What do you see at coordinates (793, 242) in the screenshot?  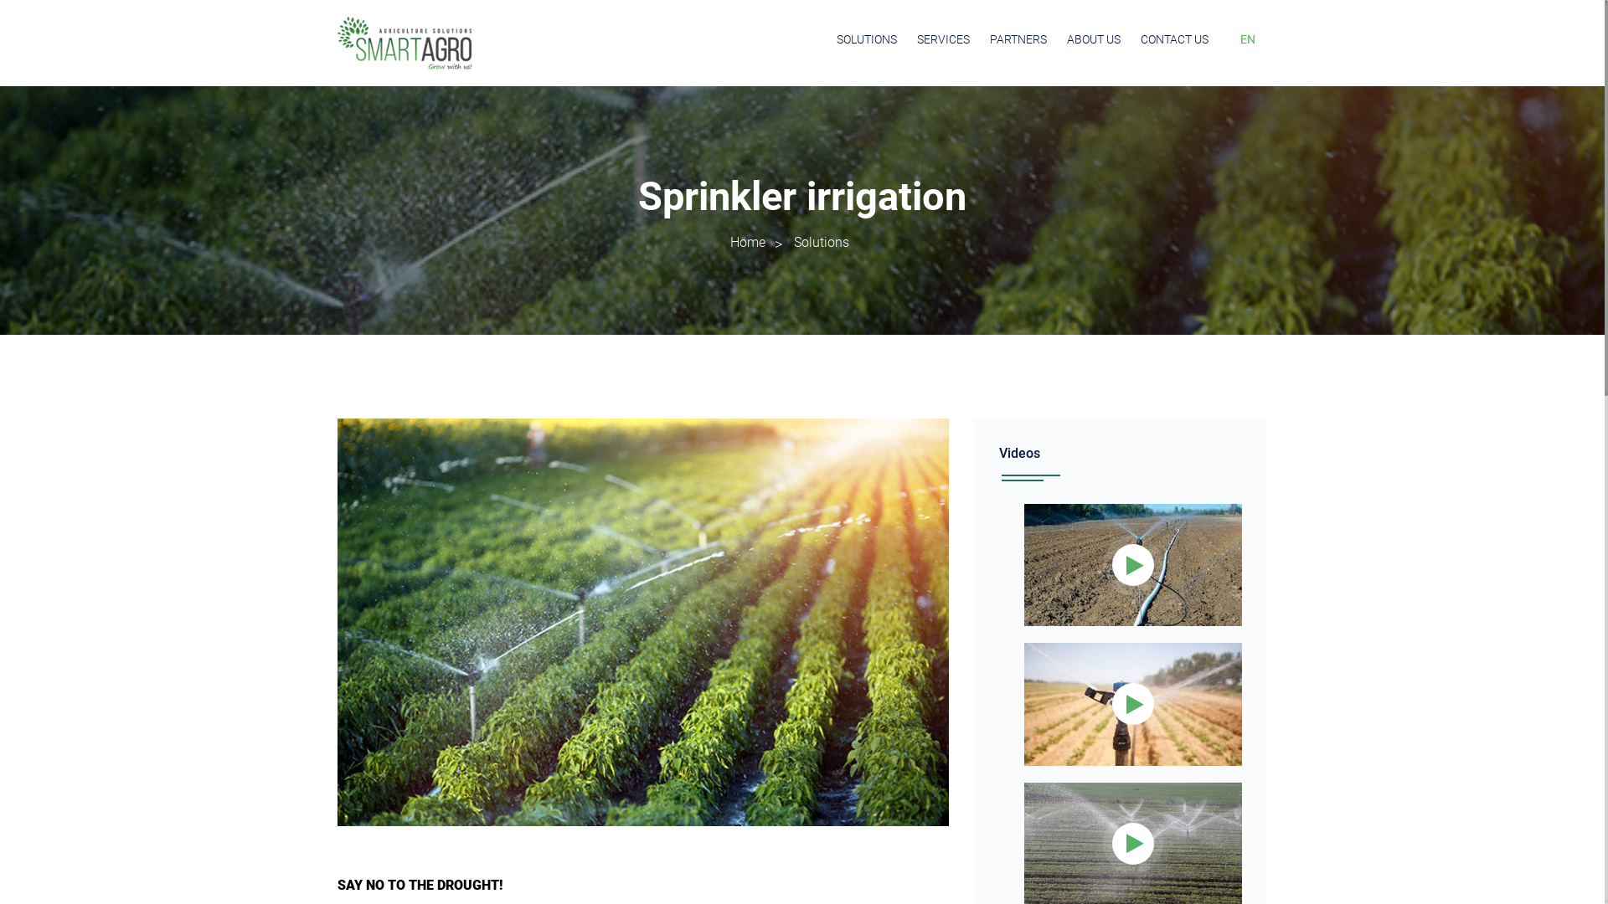 I see `'Solutions'` at bounding box center [793, 242].